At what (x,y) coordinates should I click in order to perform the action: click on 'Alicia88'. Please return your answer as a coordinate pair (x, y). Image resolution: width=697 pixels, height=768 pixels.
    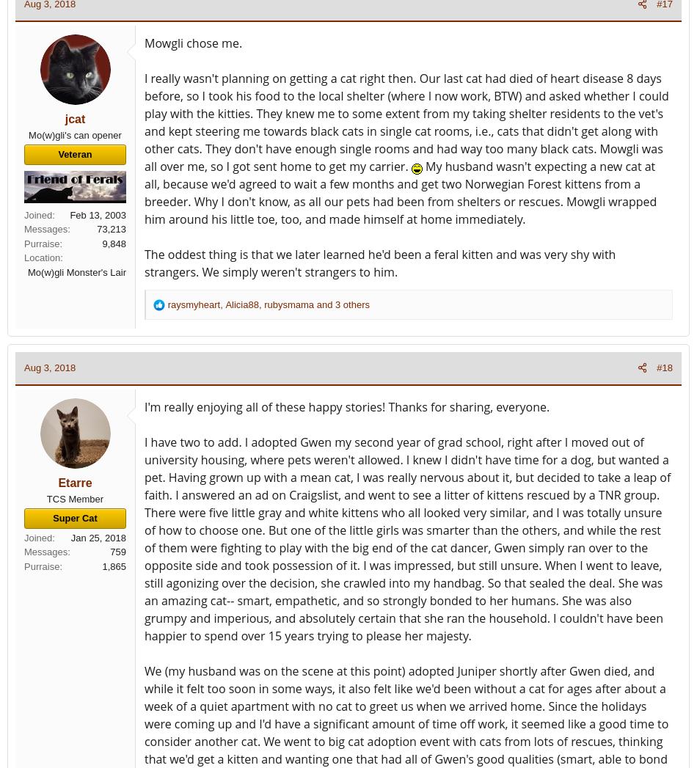
    Looking at the image, I should click on (241, 303).